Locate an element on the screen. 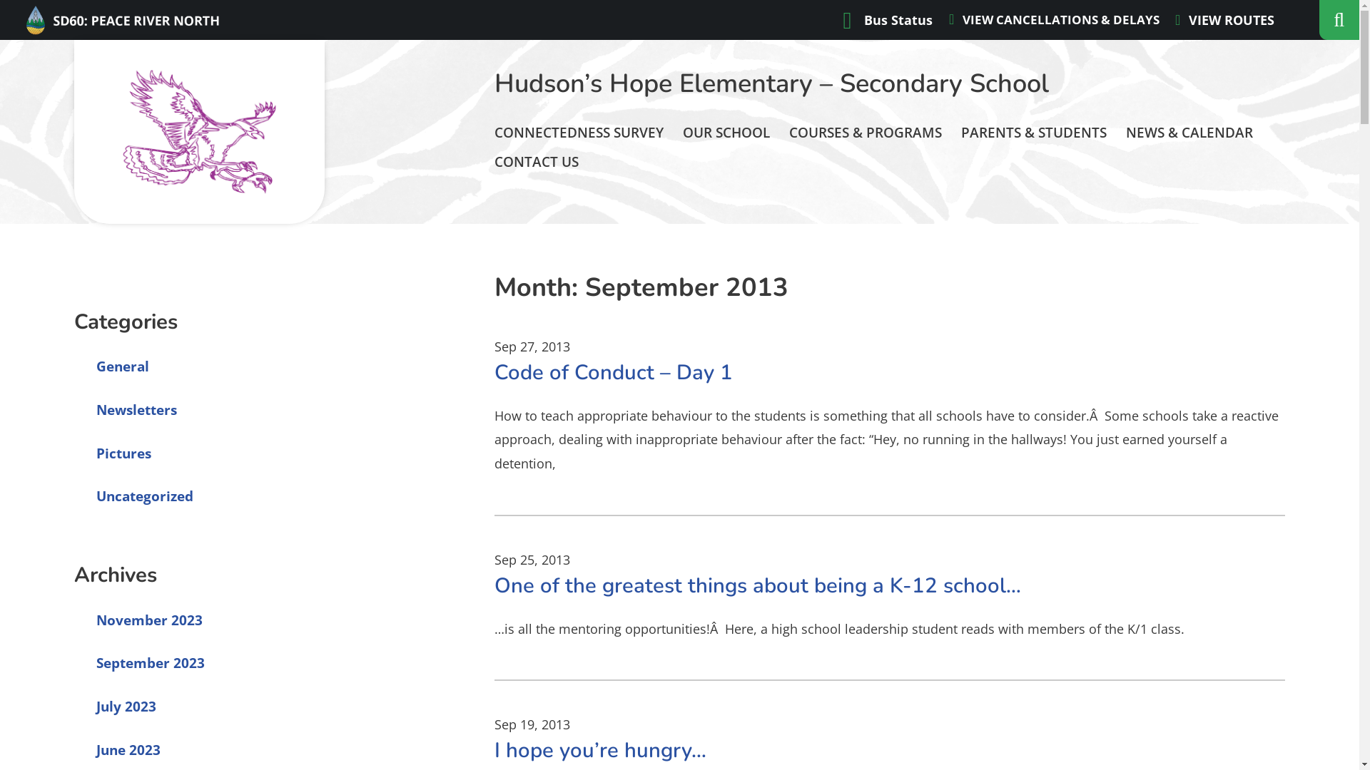 This screenshot has width=1370, height=770. 'November 2023' is located at coordinates (138, 620).